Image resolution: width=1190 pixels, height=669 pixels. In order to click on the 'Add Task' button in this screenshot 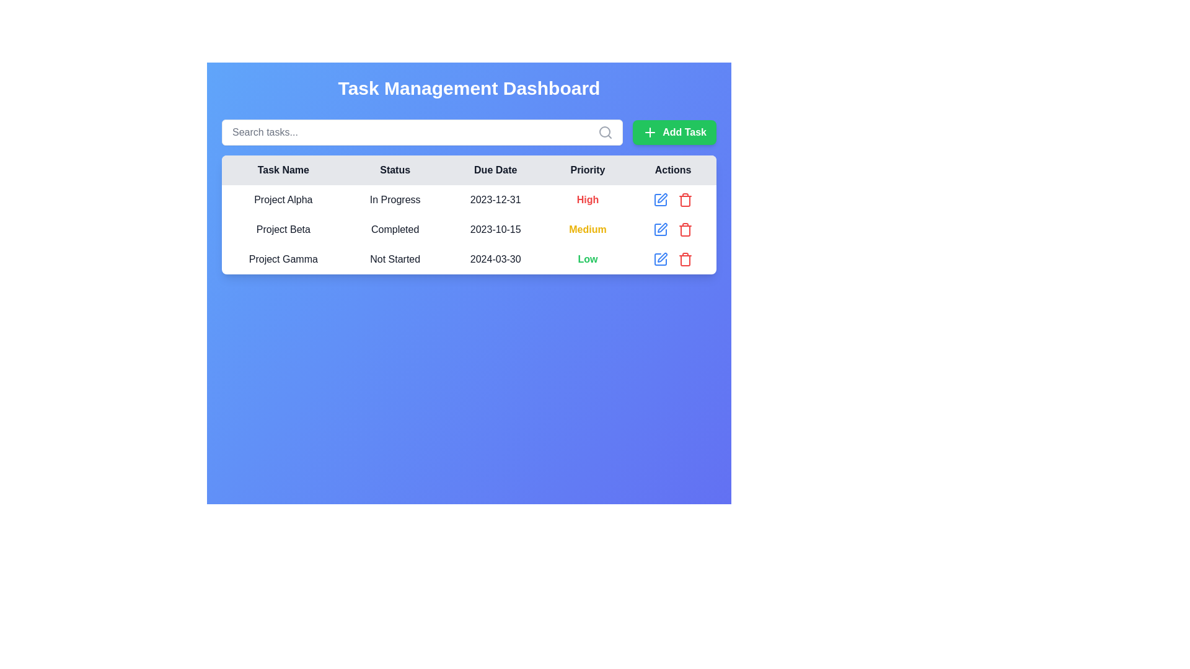, I will do `click(674, 132)`.